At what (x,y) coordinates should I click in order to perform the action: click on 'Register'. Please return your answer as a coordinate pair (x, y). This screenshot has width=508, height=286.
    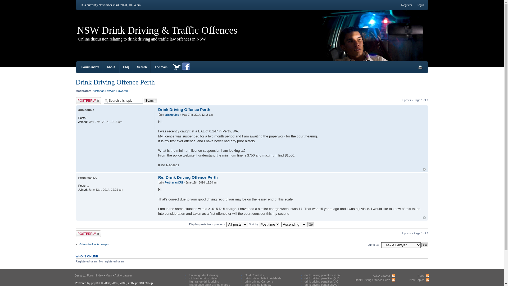
    Looking at the image, I should click on (406, 5).